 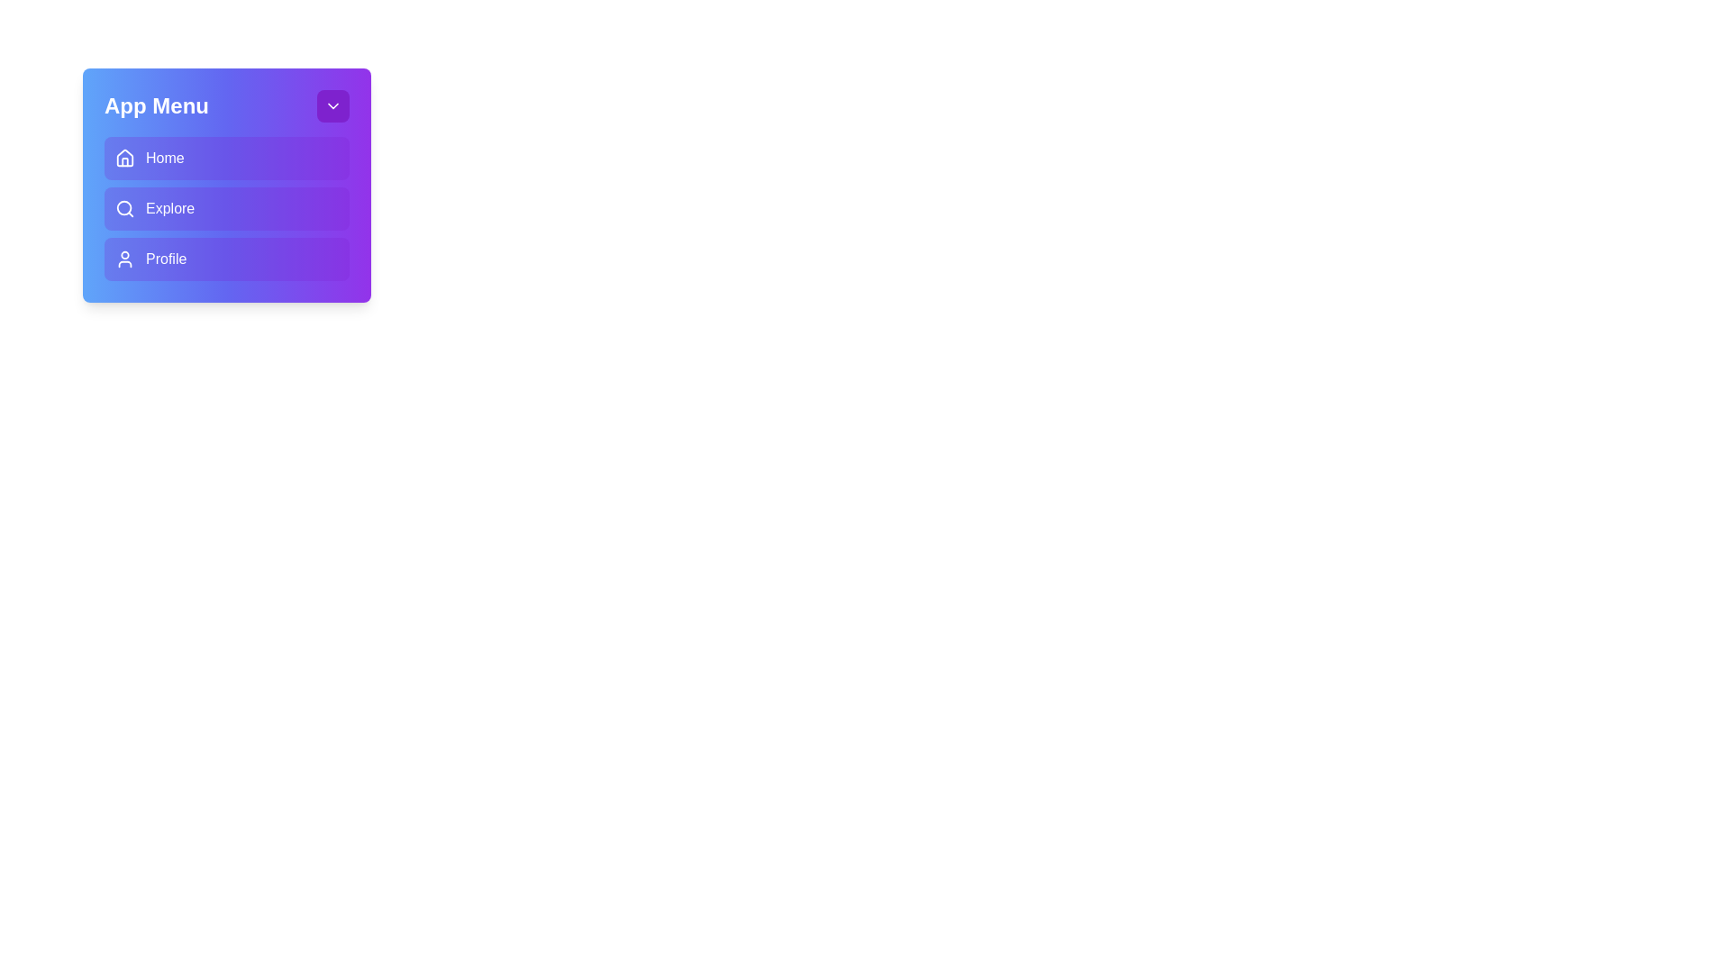 I want to click on the button located at the top-right corner of the 'App Menu', so click(x=332, y=106).